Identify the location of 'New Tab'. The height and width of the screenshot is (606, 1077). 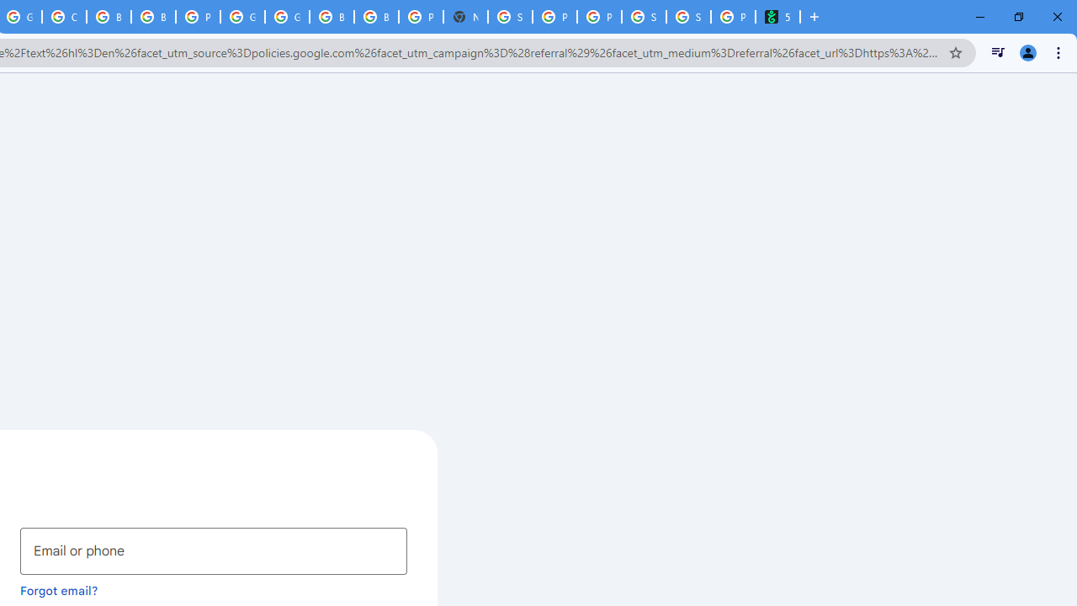
(465, 17).